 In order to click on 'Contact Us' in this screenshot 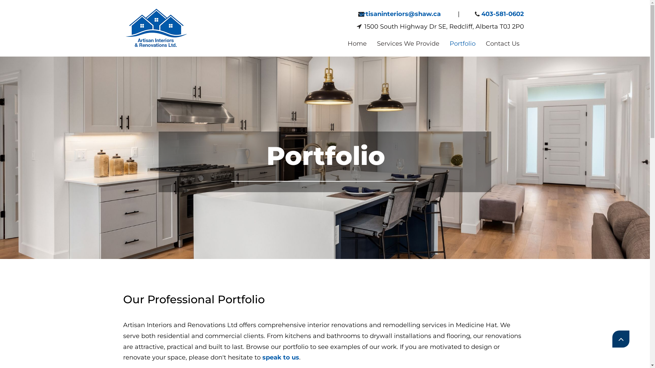, I will do `click(503, 44)`.